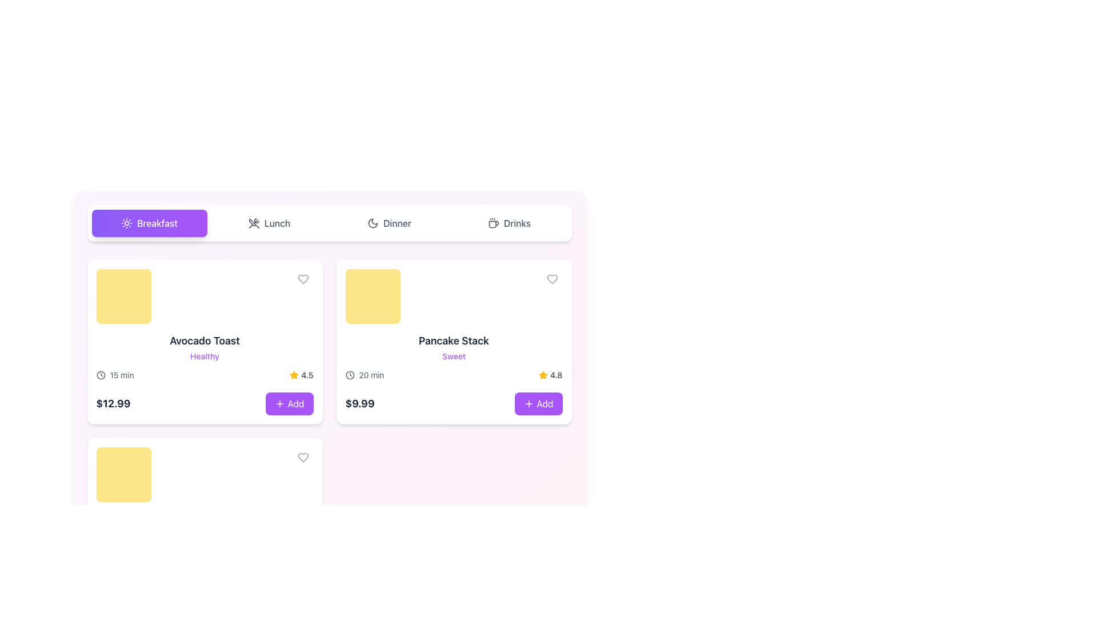 The image size is (1097, 617). I want to click on the 'Dinner' text label in the navigation bar, which is styled in gray and positioned to the right of a crescent moon icon, so click(397, 223).